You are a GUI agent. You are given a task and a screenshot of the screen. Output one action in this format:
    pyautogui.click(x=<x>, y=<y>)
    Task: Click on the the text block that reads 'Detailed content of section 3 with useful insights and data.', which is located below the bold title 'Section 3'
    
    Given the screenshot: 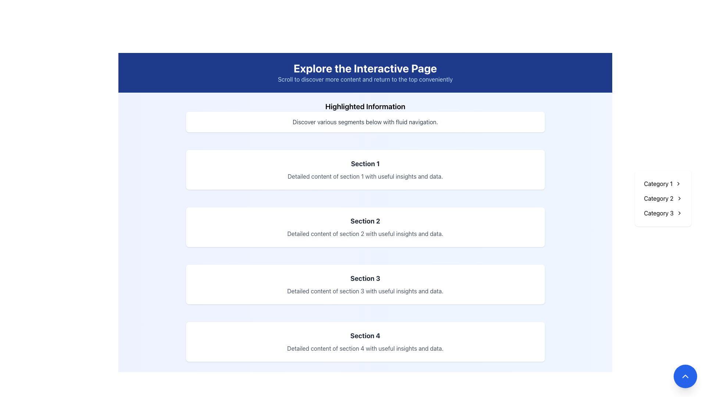 What is the action you would take?
    pyautogui.click(x=365, y=290)
    